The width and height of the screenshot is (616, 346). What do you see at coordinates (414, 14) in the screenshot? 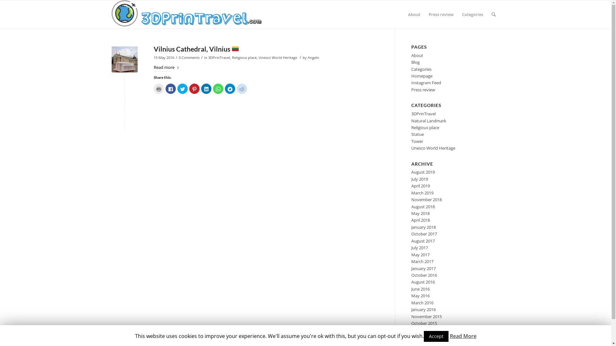
I see `'About'` at bounding box center [414, 14].